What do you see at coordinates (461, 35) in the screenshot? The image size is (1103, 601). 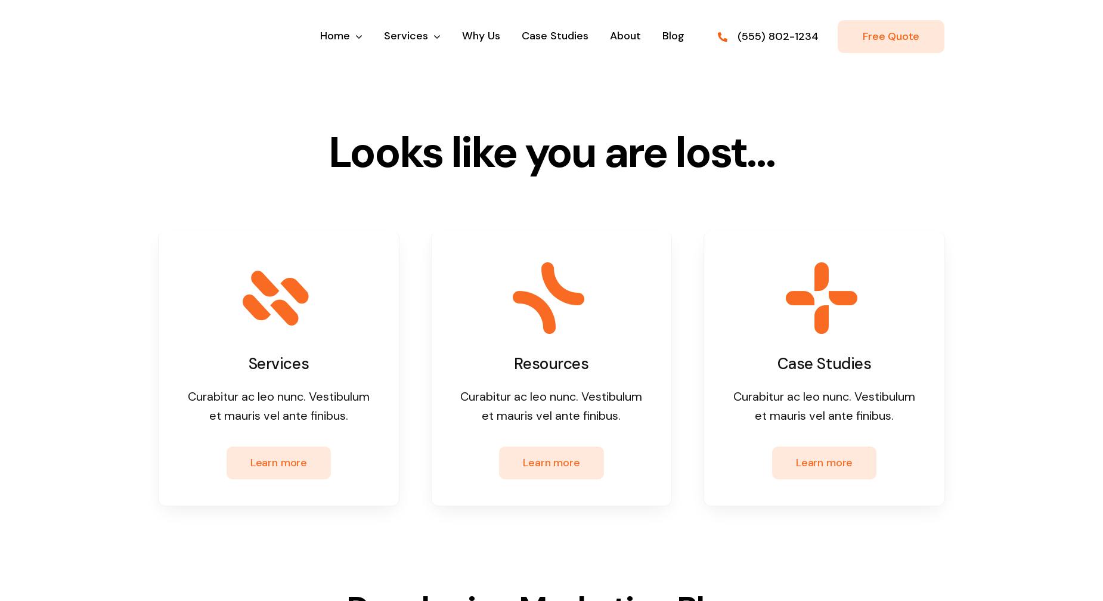 I see `'Why Us'` at bounding box center [461, 35].